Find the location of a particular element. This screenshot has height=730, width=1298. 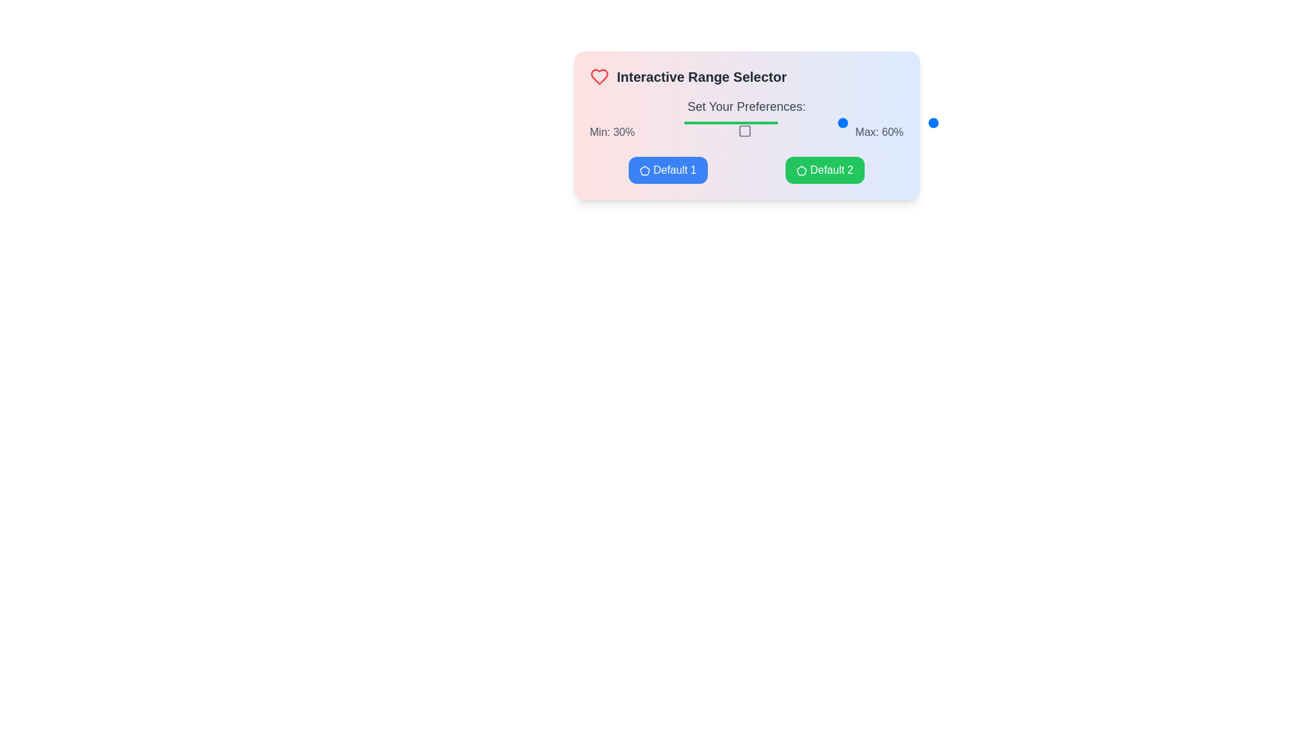

the button labeled 'Default 1' by tabbing to it is located at coordinates (668, 169).